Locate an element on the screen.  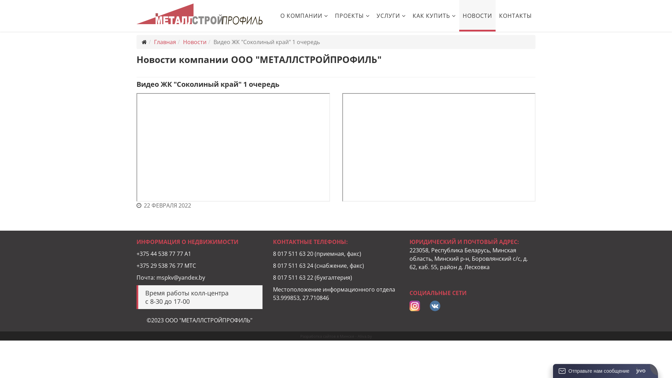
'+375 44 538 77 77' is located at coordinates (159, 254).